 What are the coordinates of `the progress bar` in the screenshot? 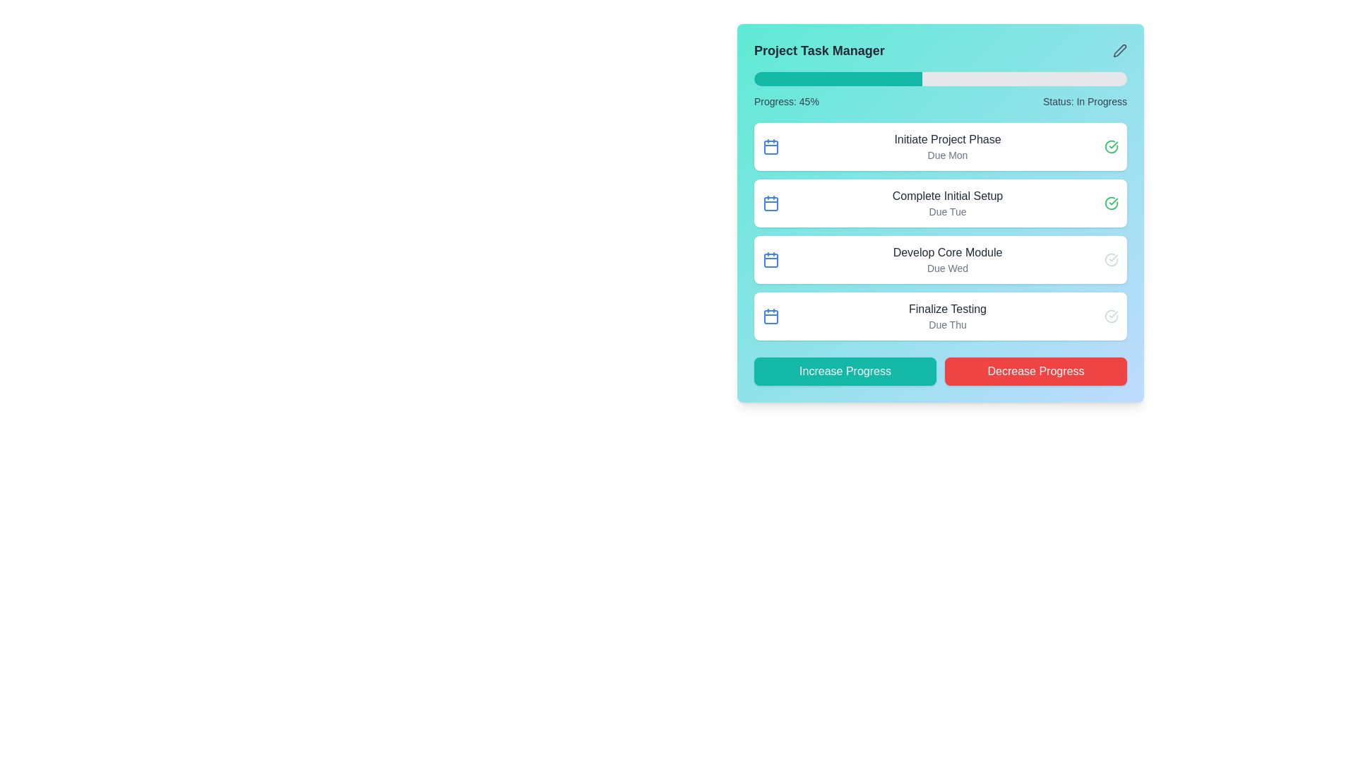 It's located at (829, 78).